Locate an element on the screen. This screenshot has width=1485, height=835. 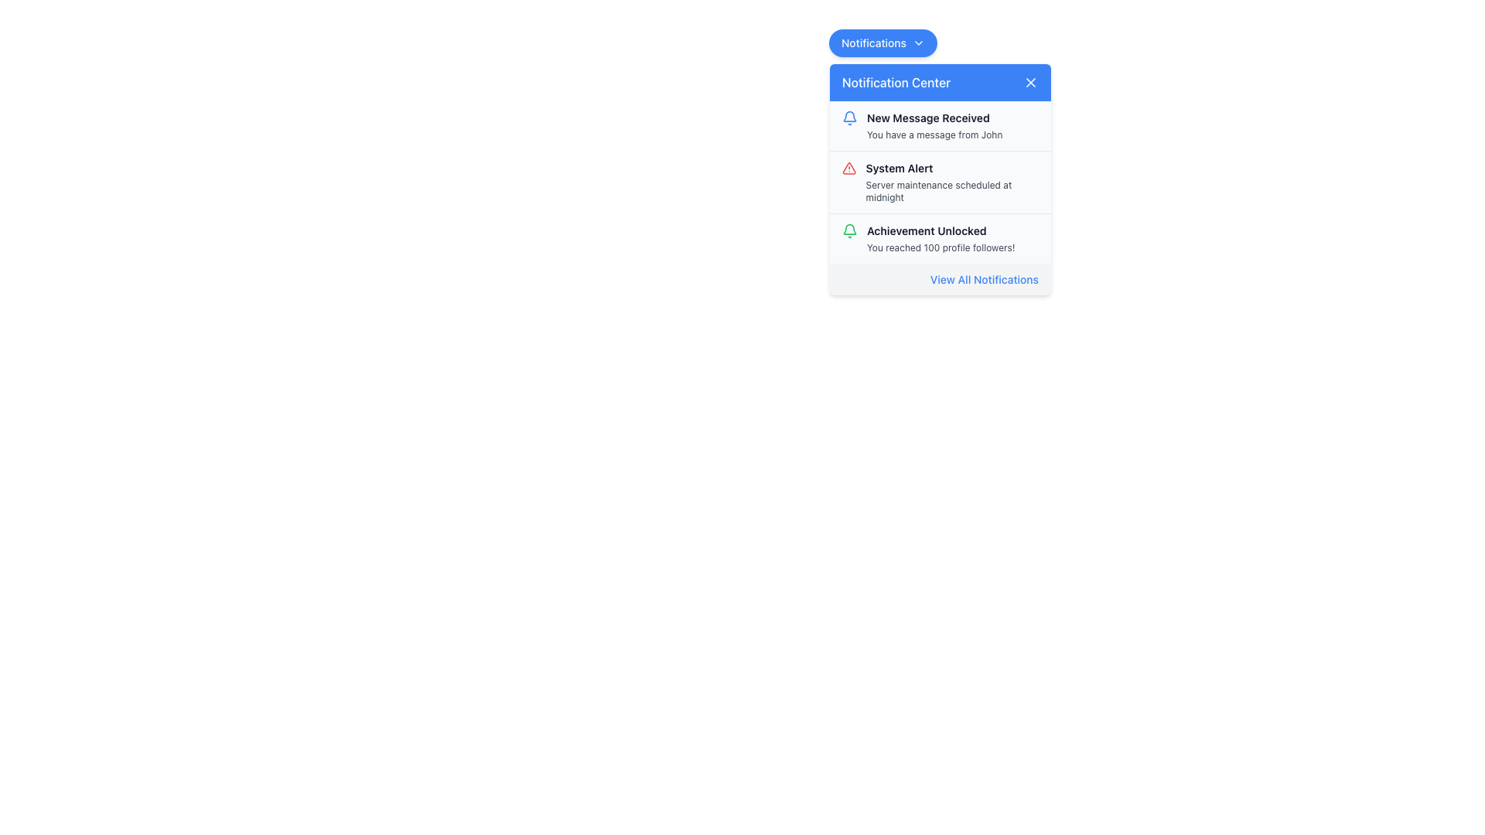
the red outlined triangular icon representing a warning or alert symbol located in the second row of the notification list, next to 'System Alert' is located at coordinates (848, 168).